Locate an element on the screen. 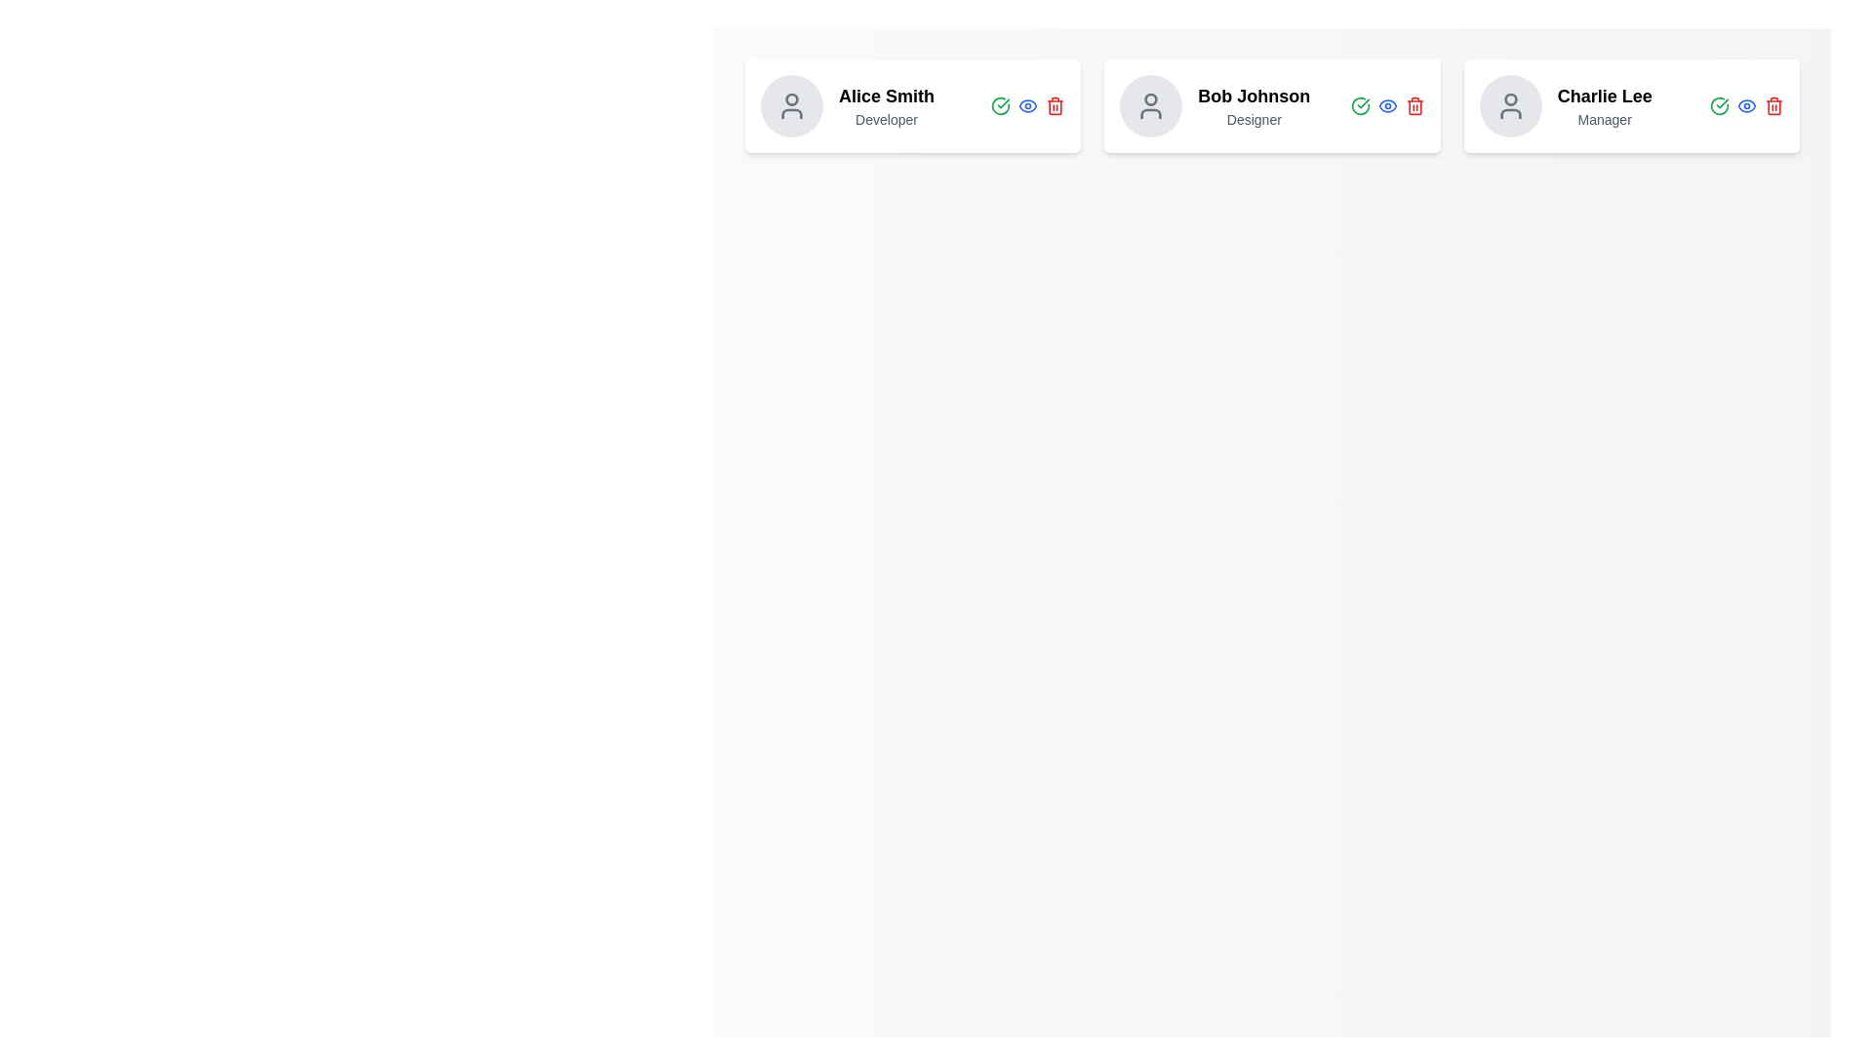  the text label displaying the name 'Bob Johnson' and the role 'Designer' to interact with it is located at coordinates (1254, 105).